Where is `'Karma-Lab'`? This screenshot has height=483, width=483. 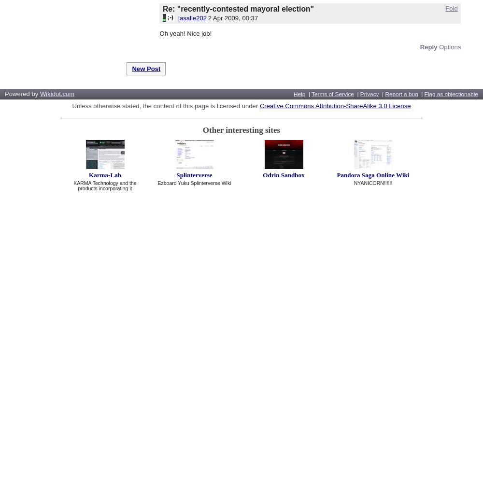
'Karma-Lab' is located at coordinates (104, 174).